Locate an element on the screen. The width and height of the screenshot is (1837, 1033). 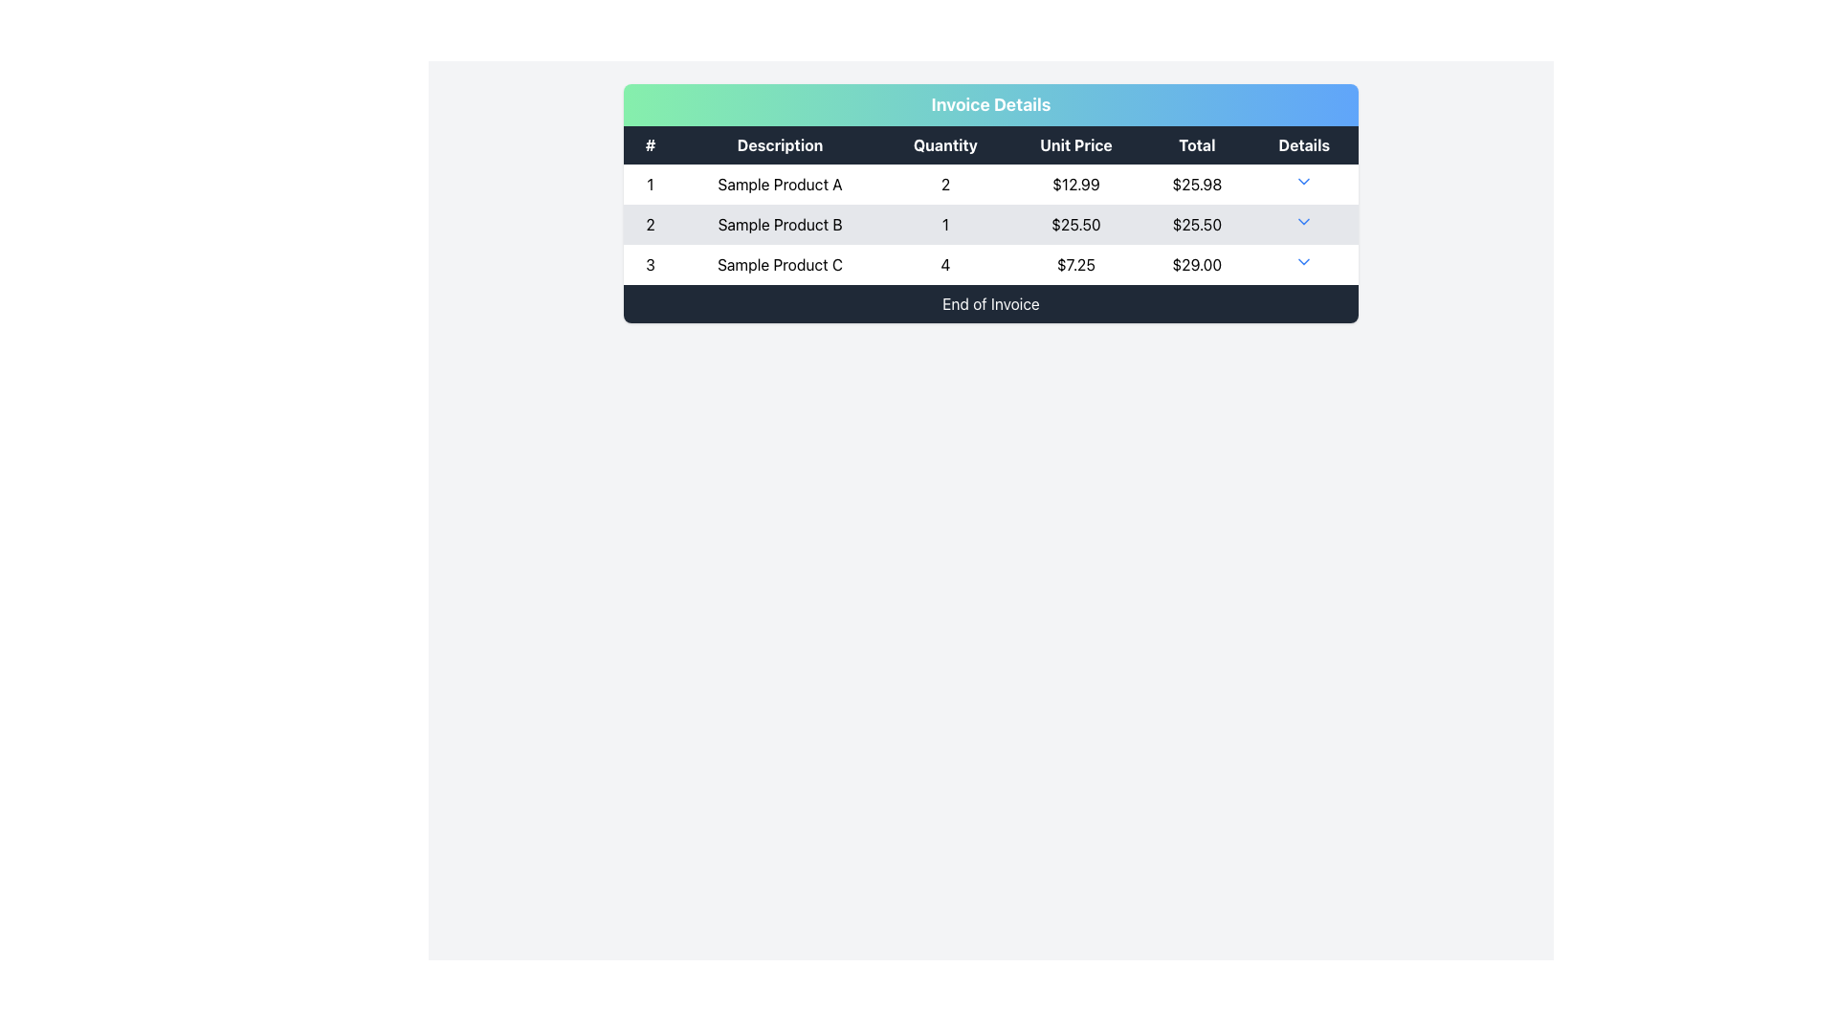
the dropdown trigger icon in the last row of the table under the 'Details' column for 'Sample Product C' is located at coordinates (1303, 261).